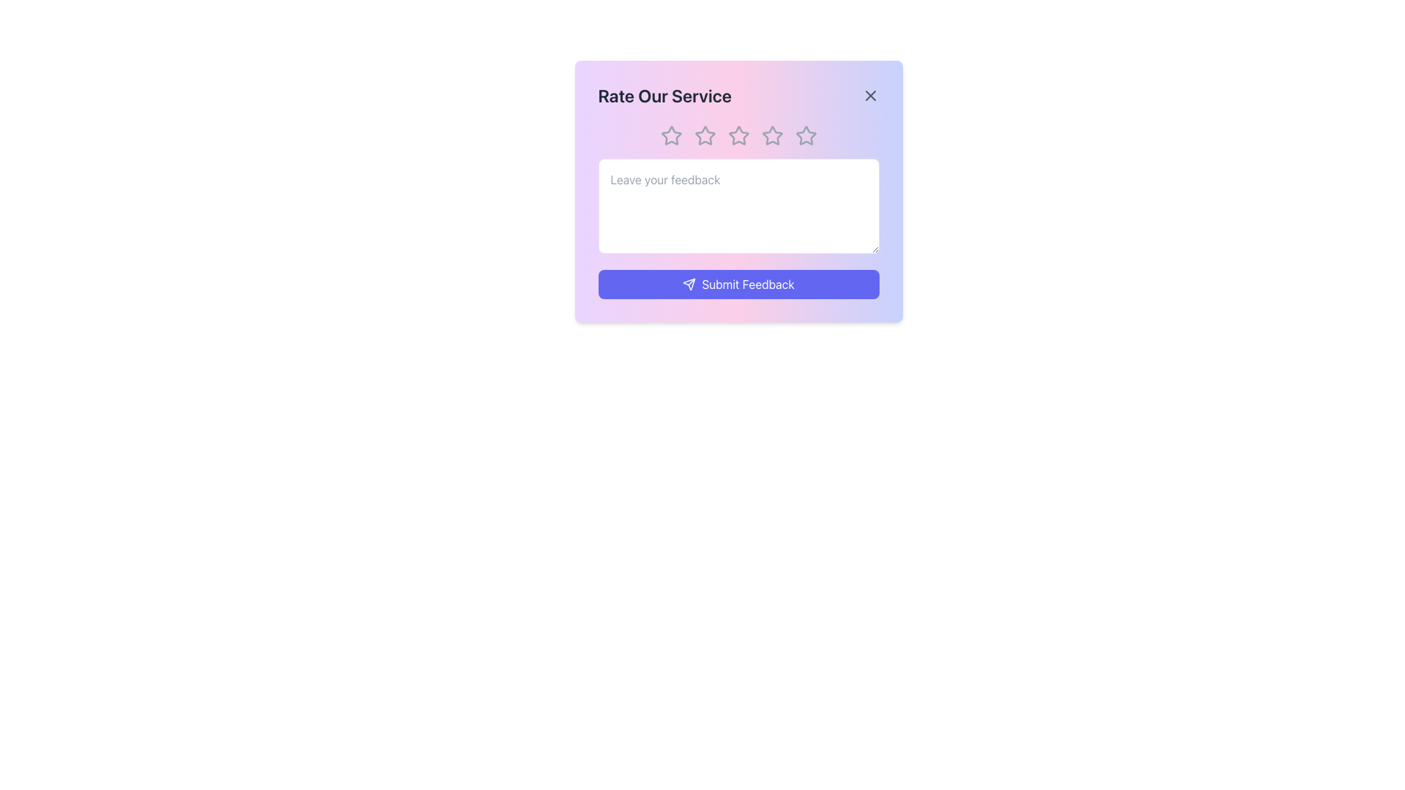  I want to click on vector graphic icon representing the action of sending feedback, located in the bottom center of the 'Rate Our Service' modal, for styling or scripting purposes, so click(689, 285).